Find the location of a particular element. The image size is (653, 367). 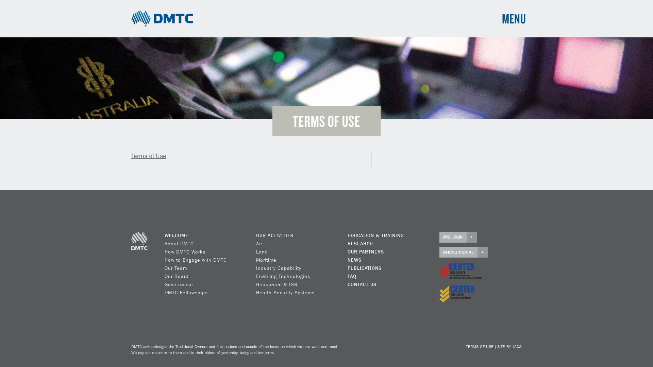

'How DMTC Works' is located at coordinates (185, 252).